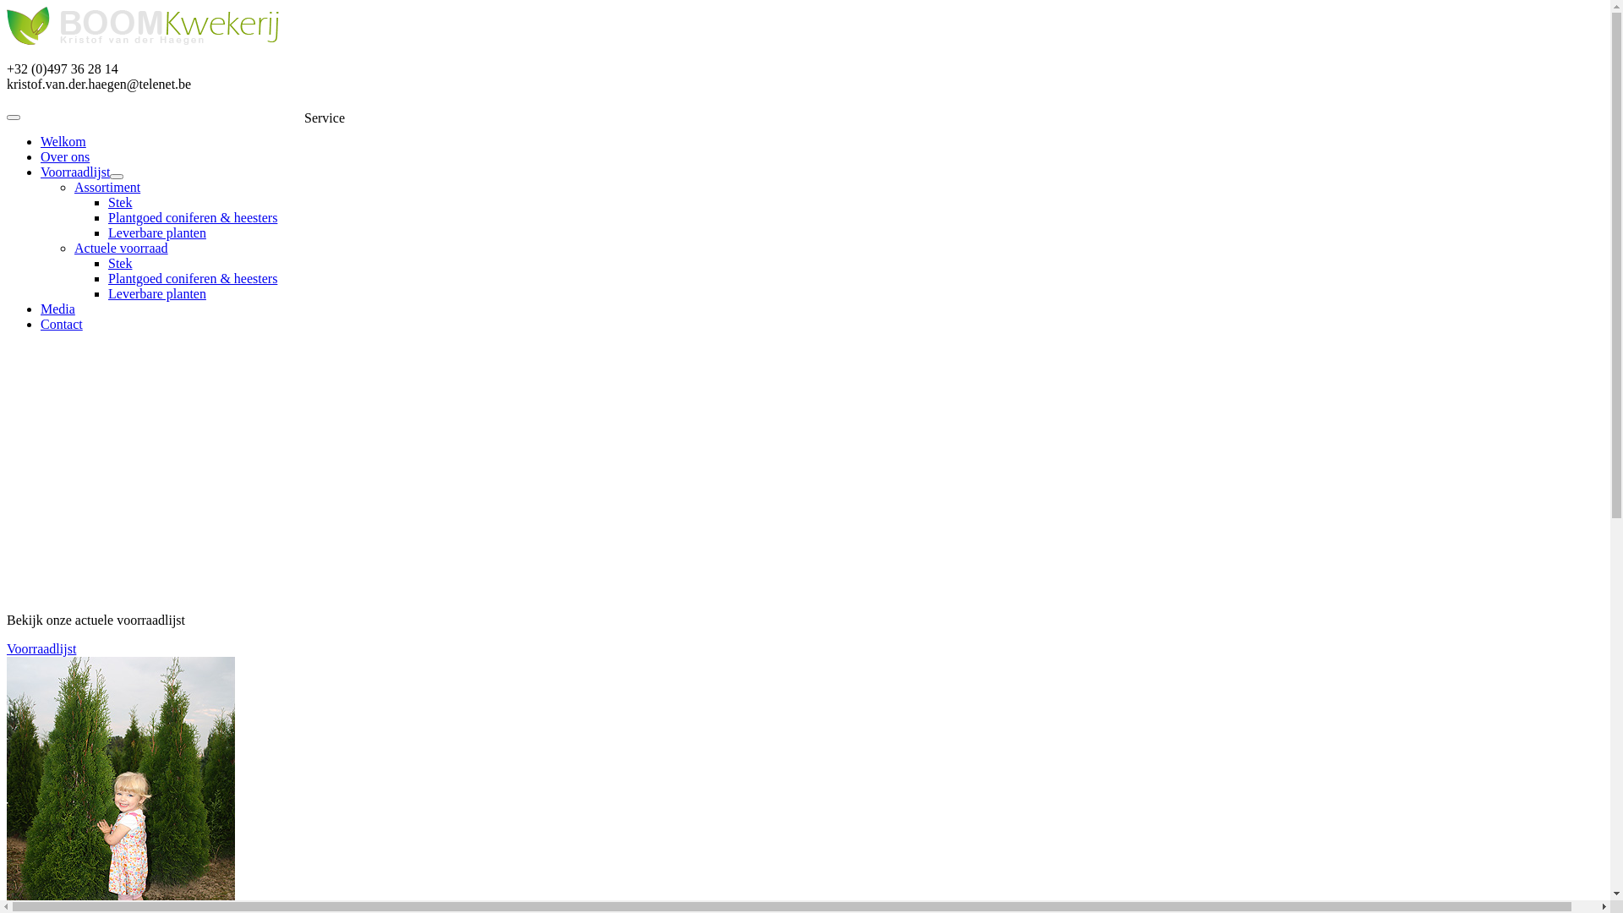 This screenshot has width=1623, height=913. Describe the element at coordinates (119, 263) in the screenshot. I see `'Stek'` at that location.